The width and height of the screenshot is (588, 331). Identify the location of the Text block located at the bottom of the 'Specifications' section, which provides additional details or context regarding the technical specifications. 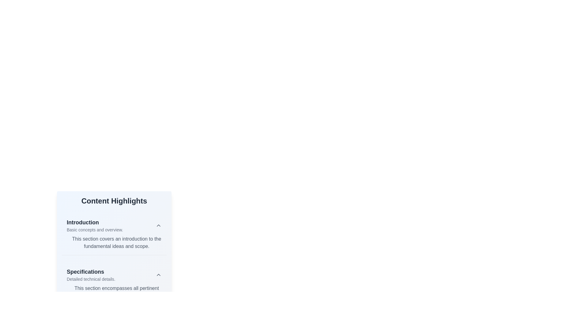
(114, 291).